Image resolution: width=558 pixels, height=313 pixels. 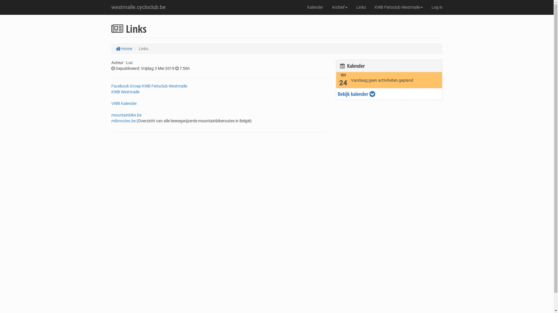 What do you see at coordinates (123, 120) in the screenshot?
I see `'mtbroutes.be'` at bounding box center [123, 120].